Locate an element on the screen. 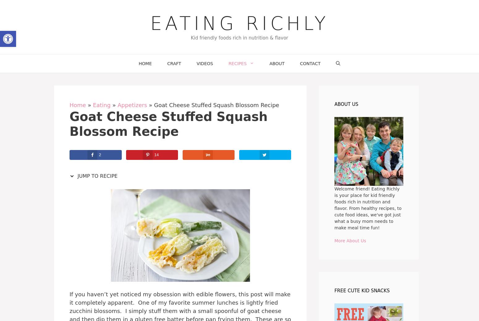  '2' is located at coordinates (100, 154).